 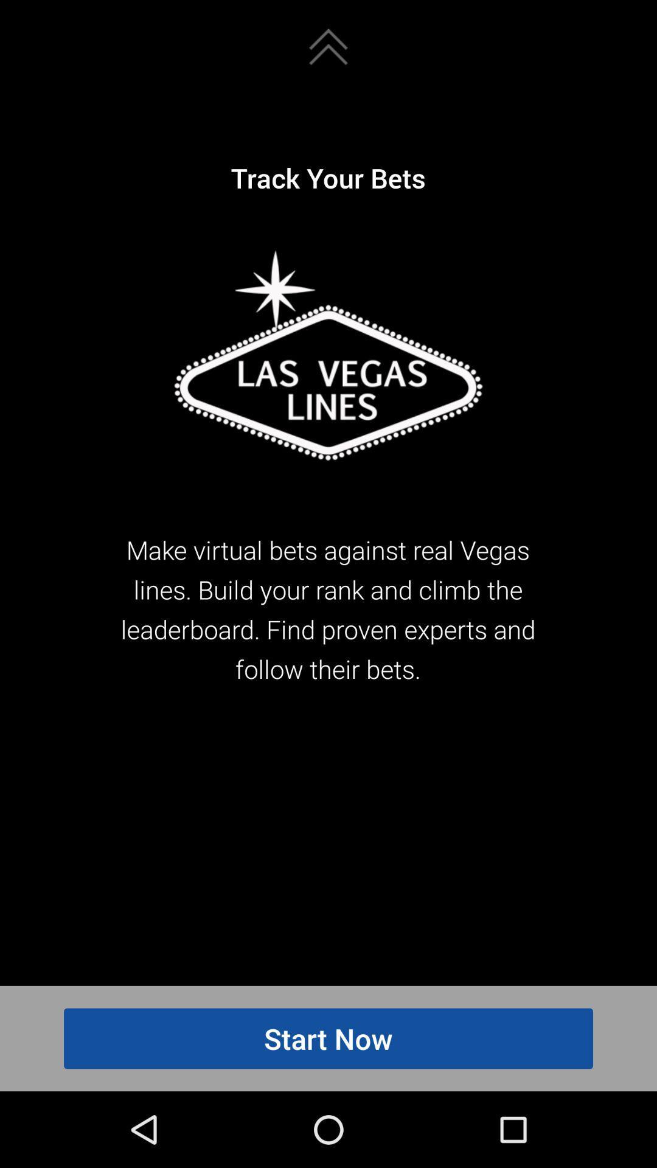 I want to click on icon at the bottom, so click(x=328, y=1038).